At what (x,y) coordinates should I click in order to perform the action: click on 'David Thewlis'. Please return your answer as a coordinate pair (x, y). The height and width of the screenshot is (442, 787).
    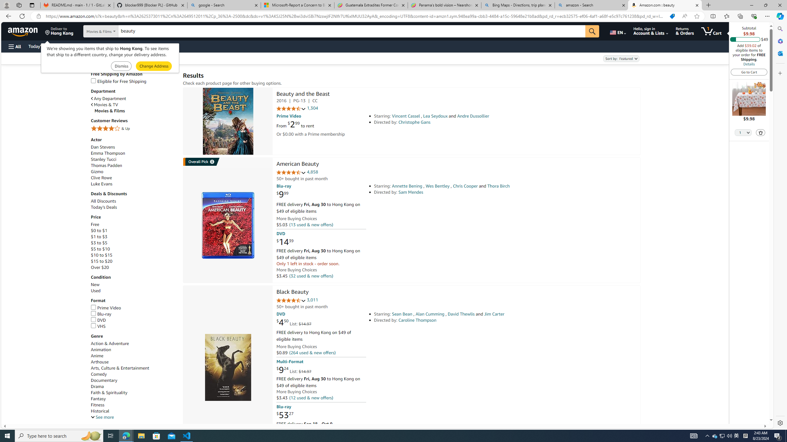
    Looking at the image, I should click on (461, 314).